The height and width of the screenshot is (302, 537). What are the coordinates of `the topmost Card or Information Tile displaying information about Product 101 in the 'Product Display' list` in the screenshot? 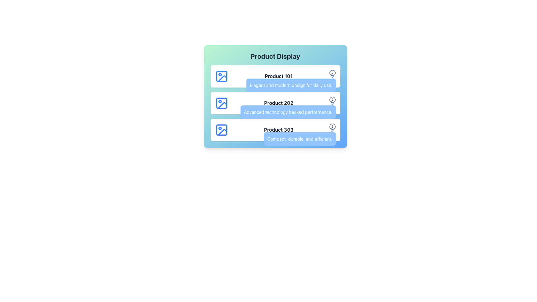 It's located at (275, 76).